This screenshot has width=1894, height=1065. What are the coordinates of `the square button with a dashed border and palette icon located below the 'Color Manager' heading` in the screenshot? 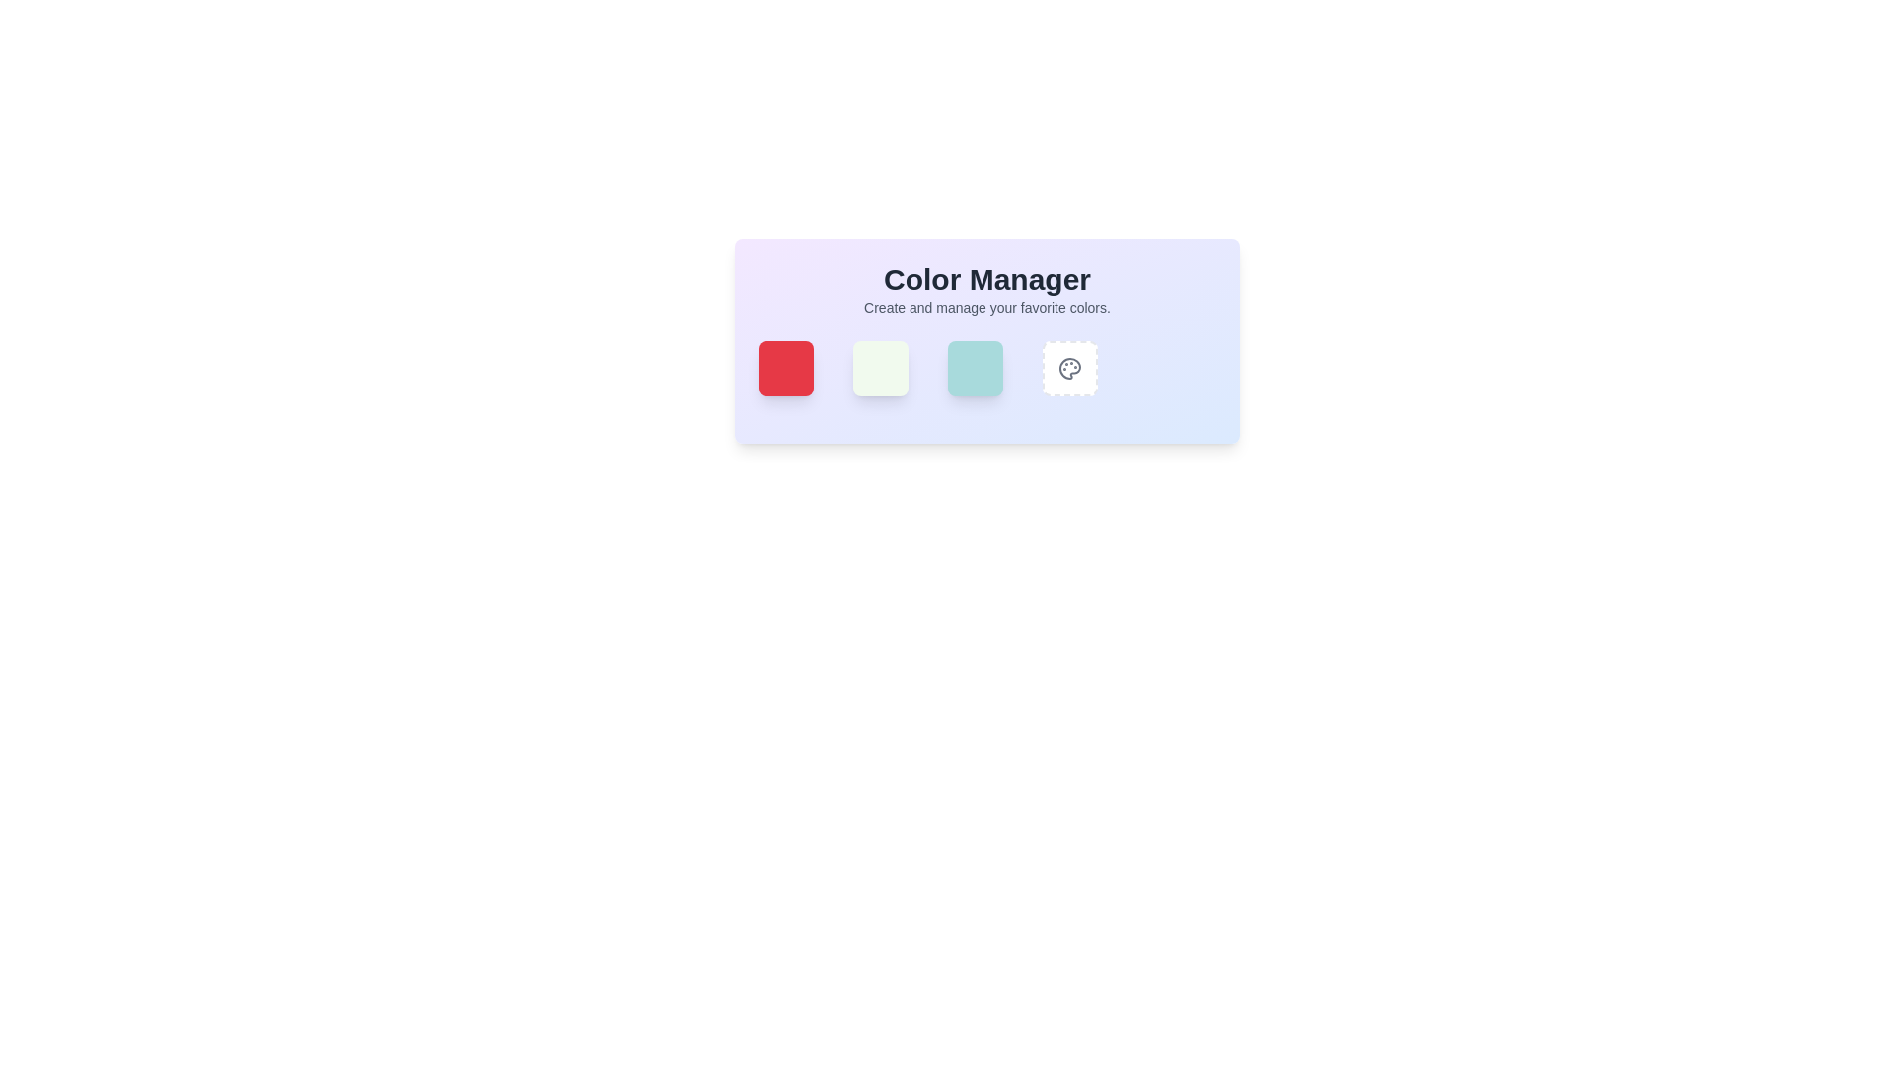 It's located at (1068, 369).